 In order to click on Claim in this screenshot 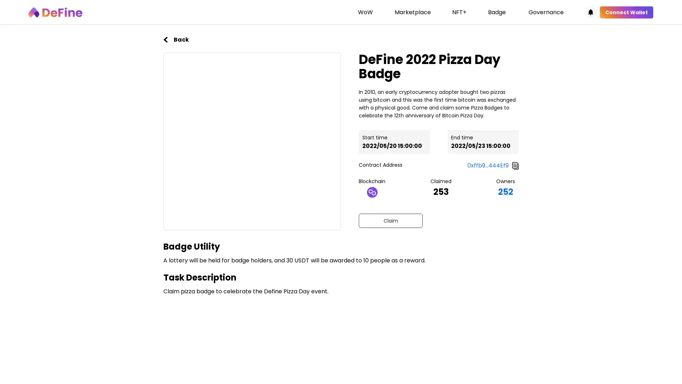, I will do `click(390, 220)`.